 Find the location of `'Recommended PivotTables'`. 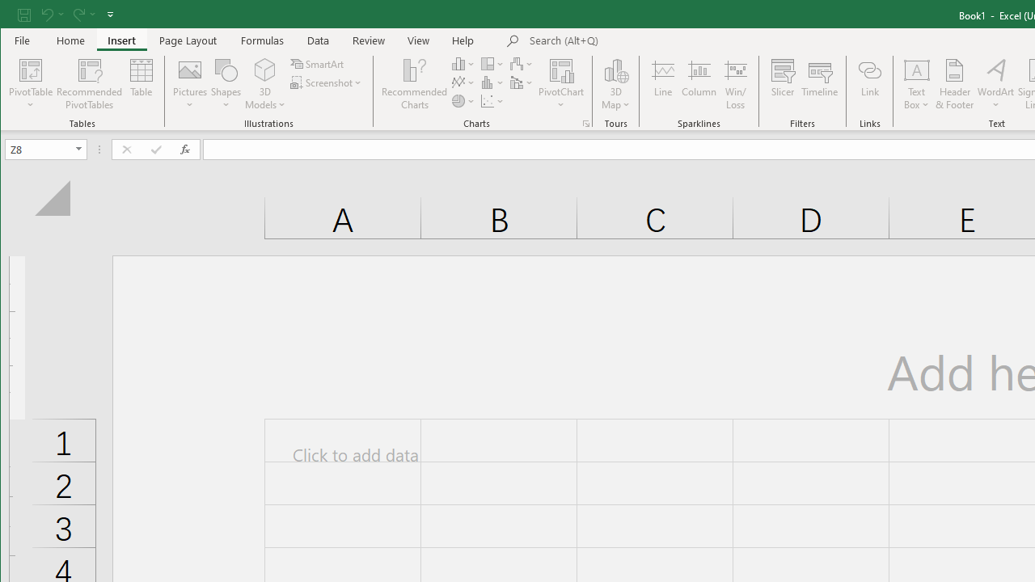

'Recommended PivotTables' is located at coordinates (88, 84).